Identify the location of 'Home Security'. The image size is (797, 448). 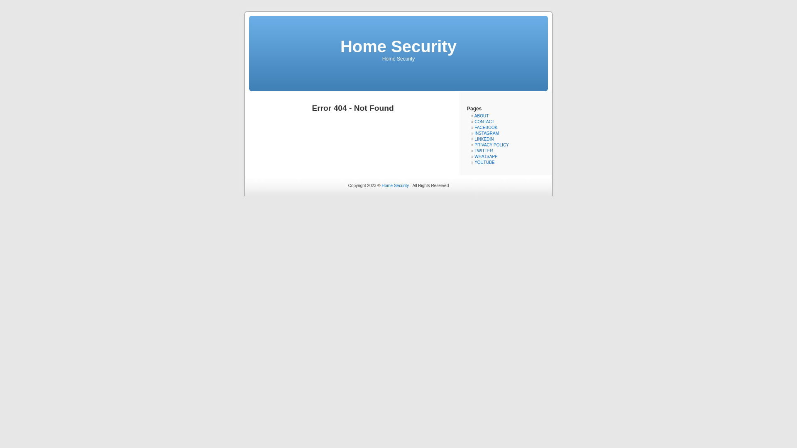
(381, 185).